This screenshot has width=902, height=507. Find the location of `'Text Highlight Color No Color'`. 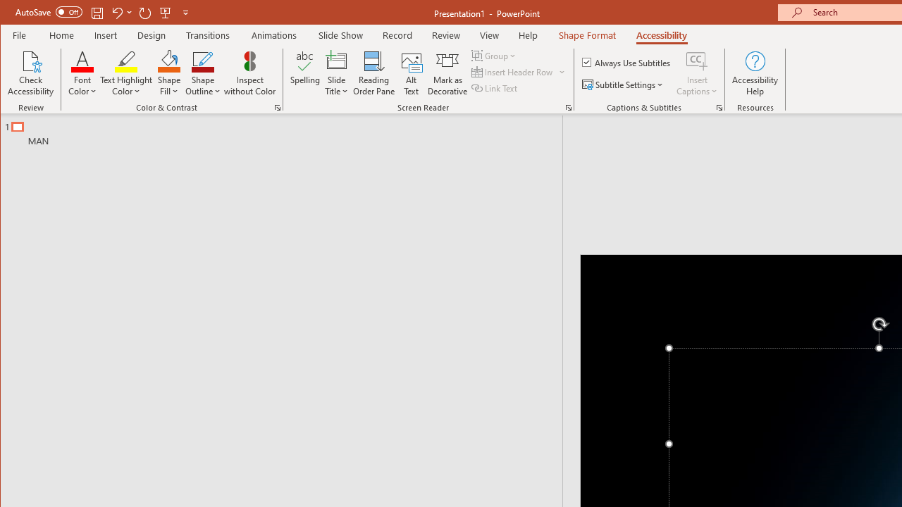

'Text Highlight Color No Color' is located at coordinates (126, 60).